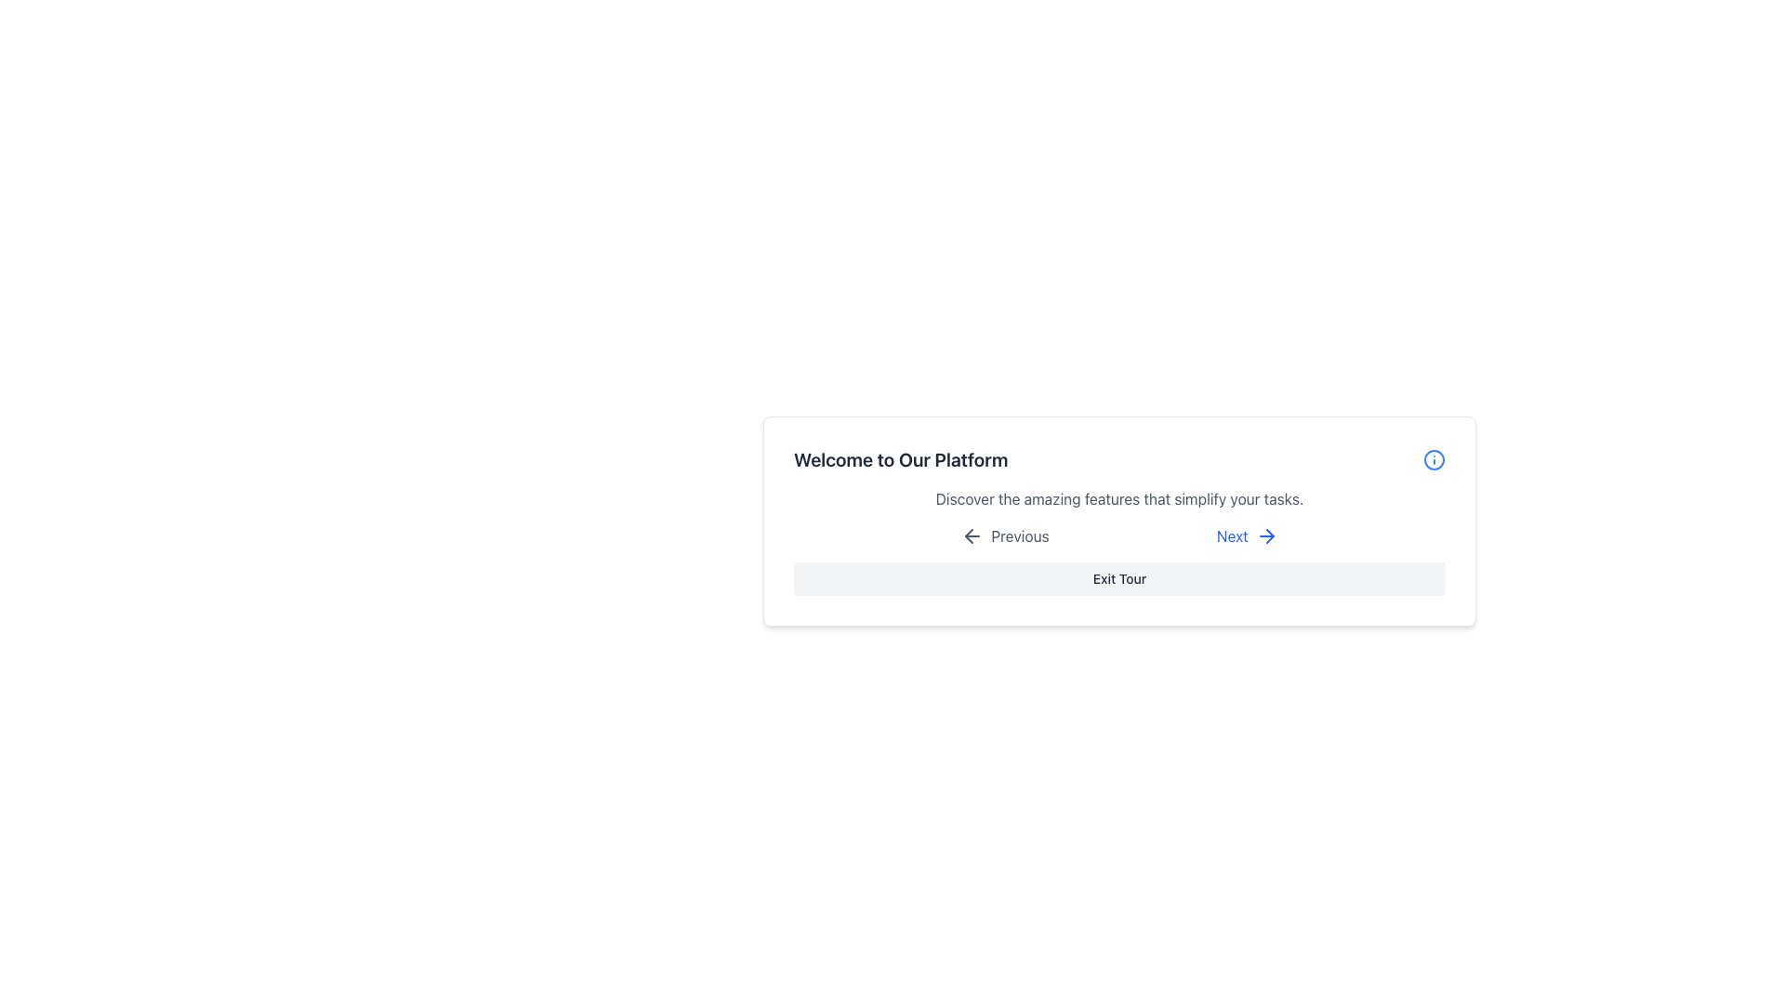 The height and width of the screenshot is (1004, 1785). What do you see at coordinates (1265, 536) in the screenshot?
I see `the right-pointing blue arrow icon that is part of the 'Next' button group, positioned to the right of the 'Next' text` at bounding box center [1265, 536].